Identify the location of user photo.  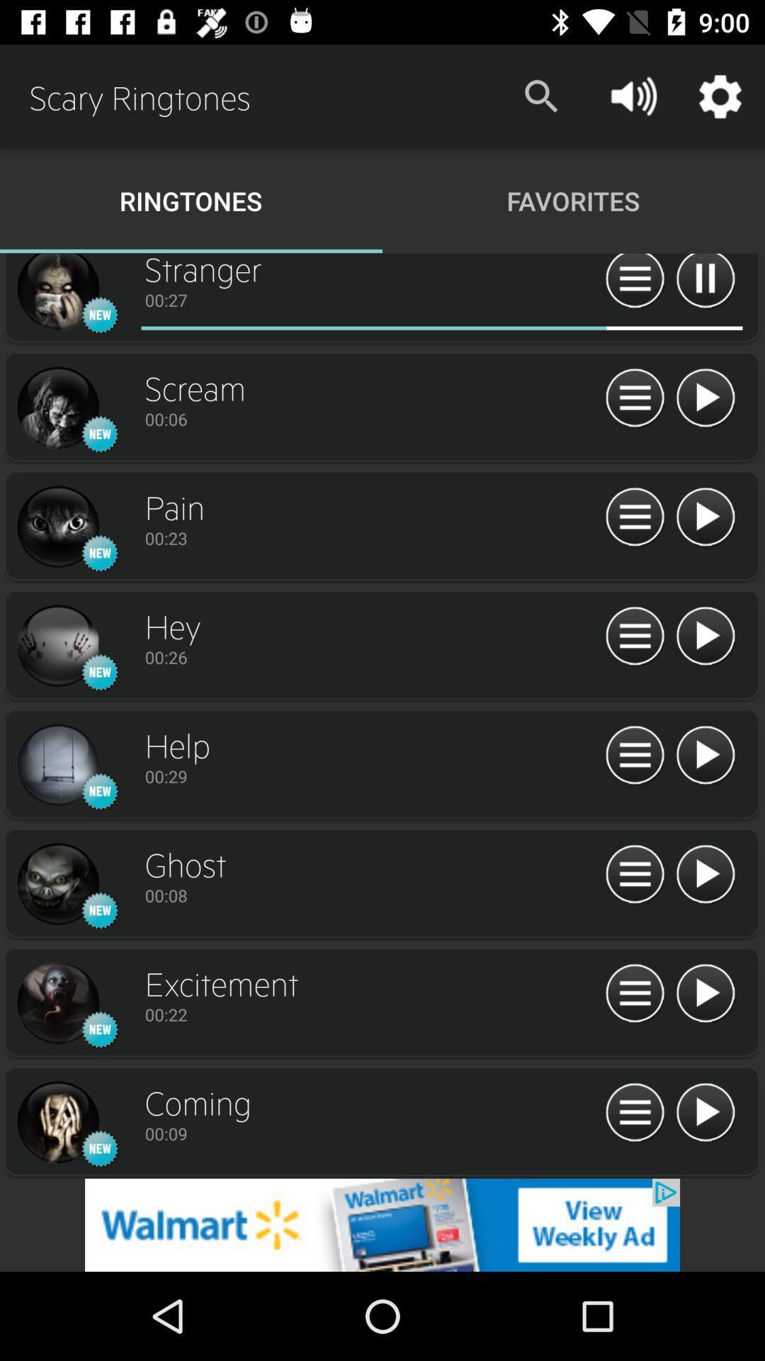
(57, 408).